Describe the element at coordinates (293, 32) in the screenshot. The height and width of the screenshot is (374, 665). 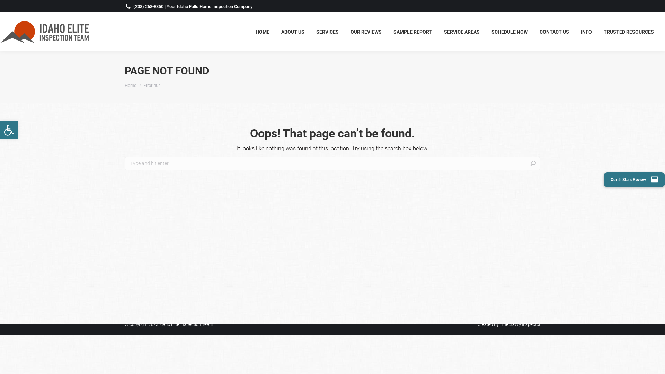
I see `'ABOUT US'` at that location.